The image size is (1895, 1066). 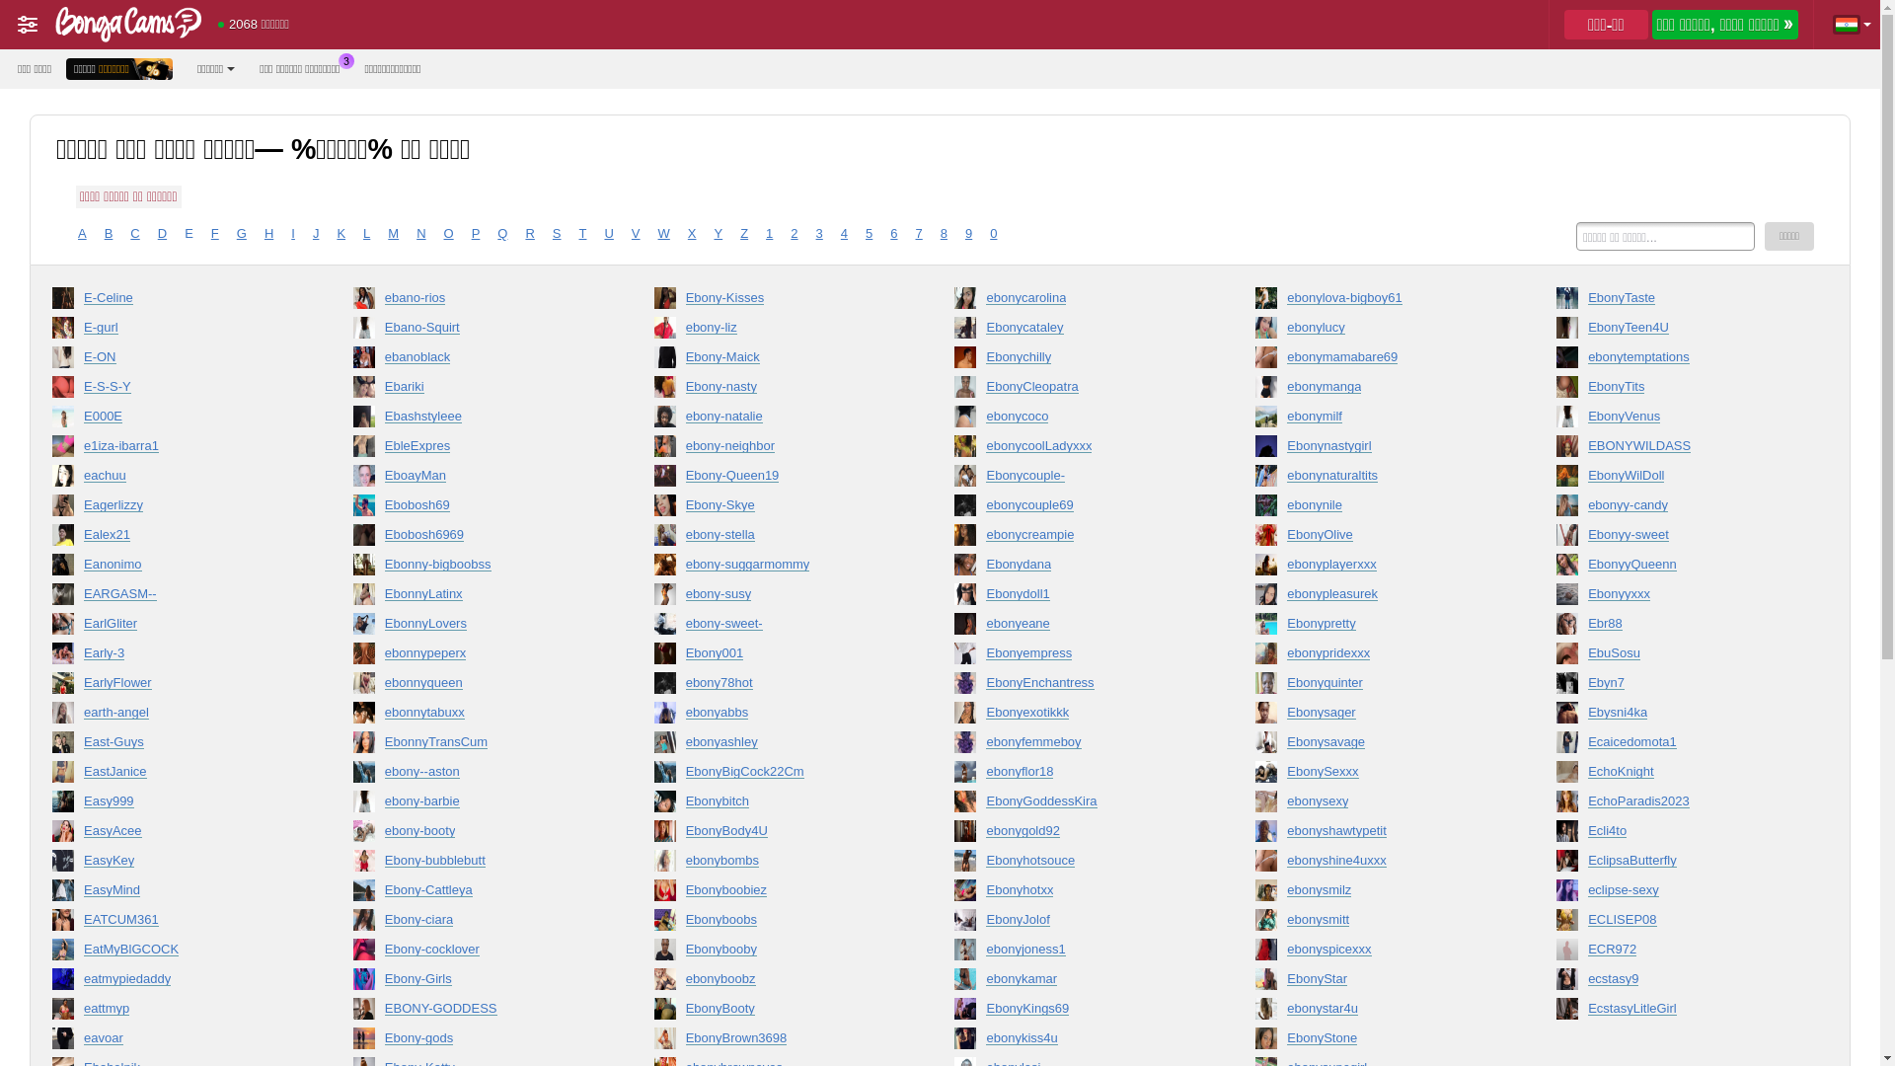 I want to click on 'Ebony-nasty', so click(x=776, y=391).